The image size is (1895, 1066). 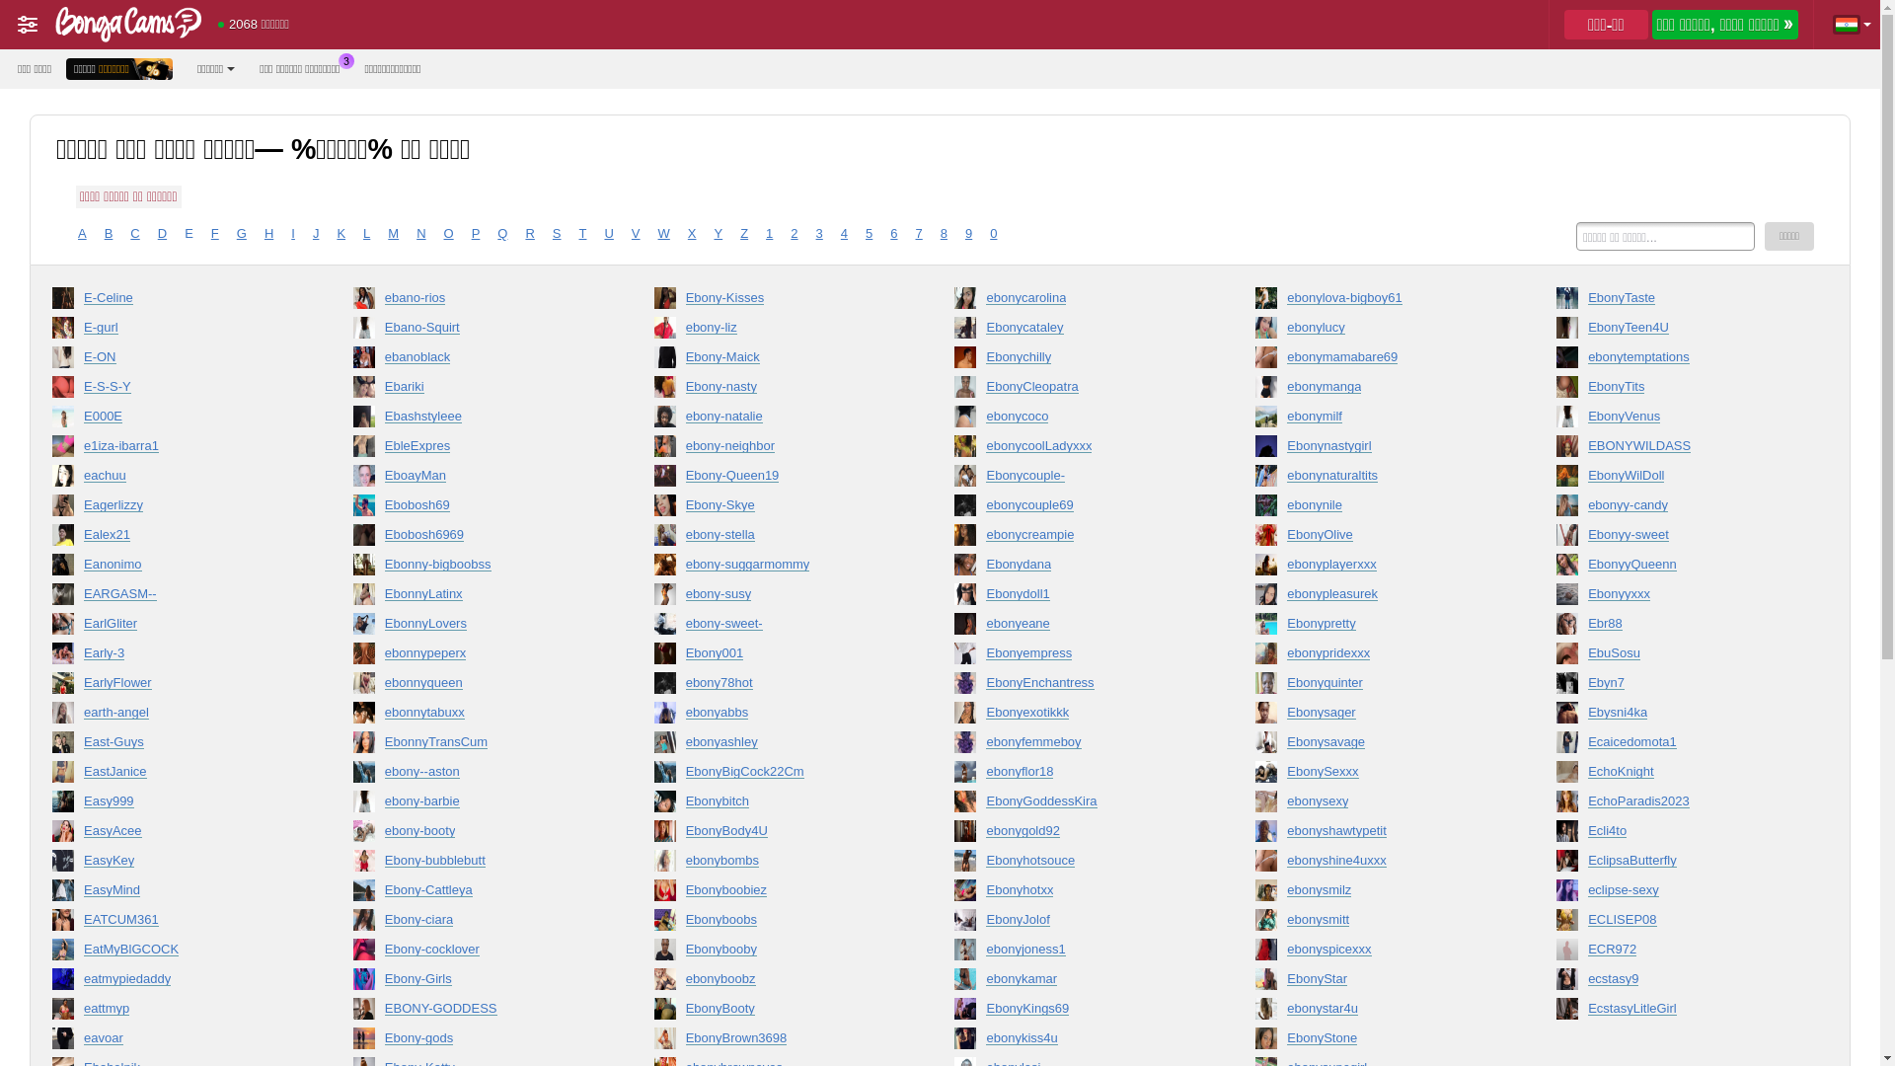 I want to click on 'Ebony-nasty', so click(x=776, y=391).